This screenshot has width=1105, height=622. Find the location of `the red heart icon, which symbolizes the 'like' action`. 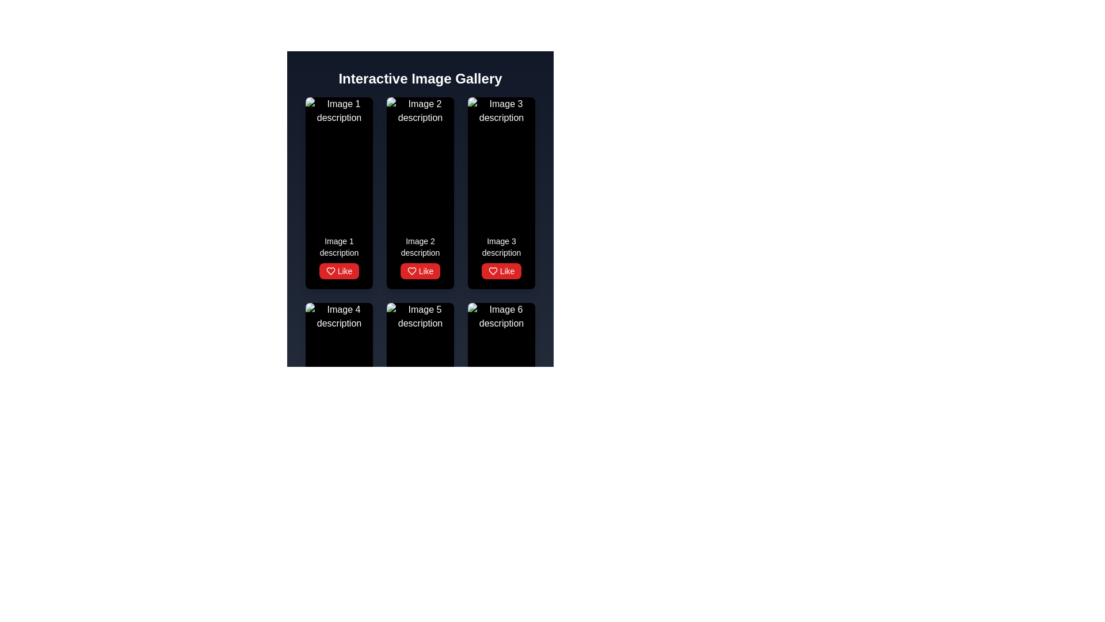

the red heart icon, which symbolizes the 'like' action is located at coordinates (493, 477).